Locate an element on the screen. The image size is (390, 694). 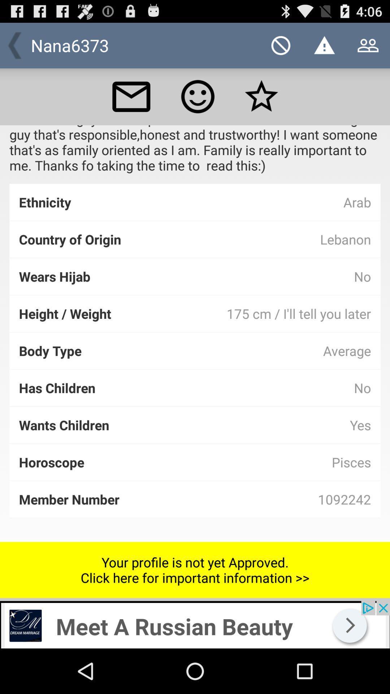
open advertisement is located at coordinates (195, 624).